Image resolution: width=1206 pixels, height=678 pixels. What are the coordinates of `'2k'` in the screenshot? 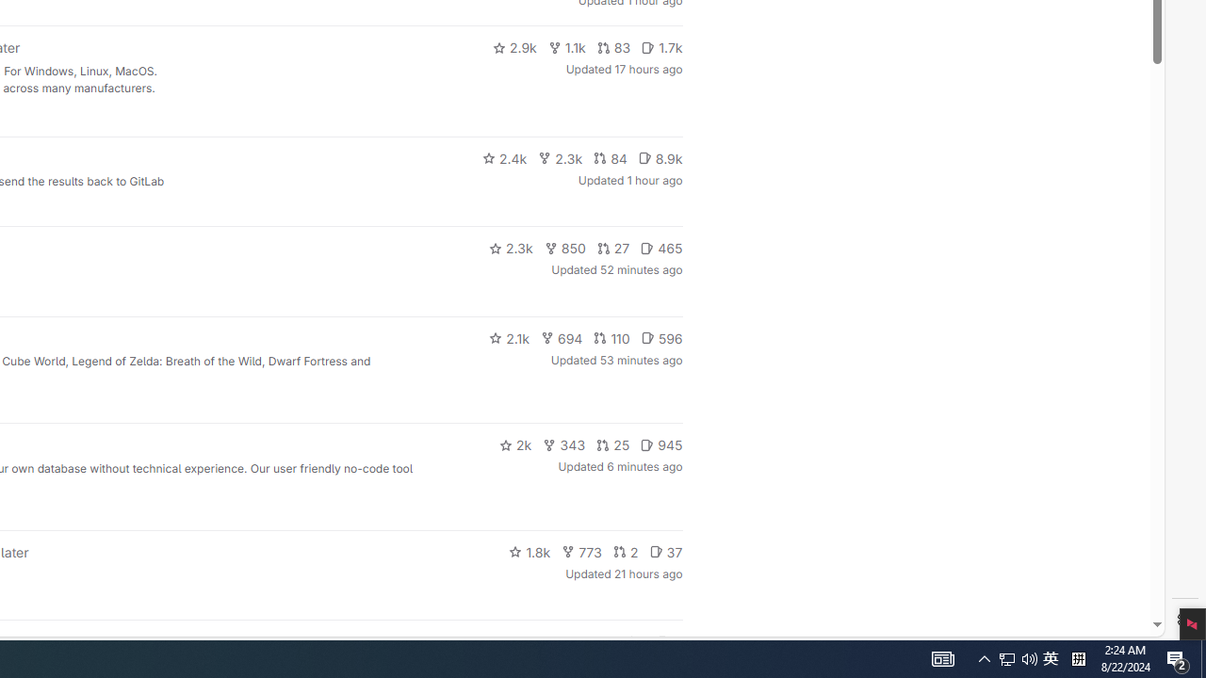 It's located at (514, 445).